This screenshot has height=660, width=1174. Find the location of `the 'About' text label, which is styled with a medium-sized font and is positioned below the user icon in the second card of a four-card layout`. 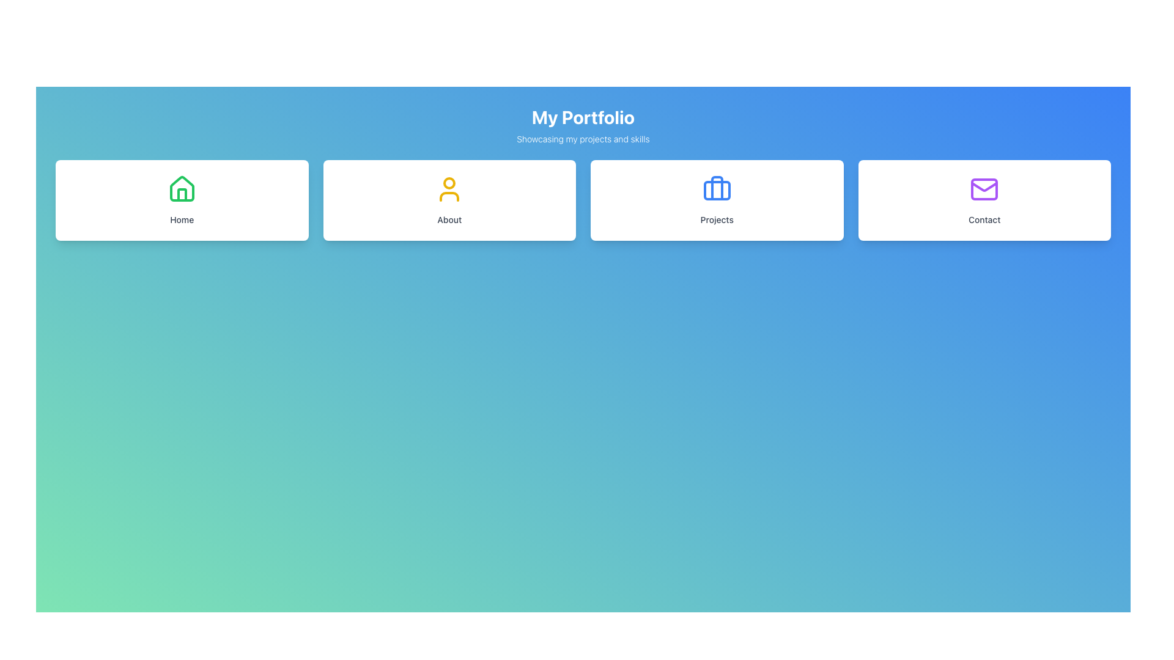

the 'About' text label, which is styled with a medium-sized font and is positioned below the user icon in the second card of a four-card layout is located at coordinates (449, 219).